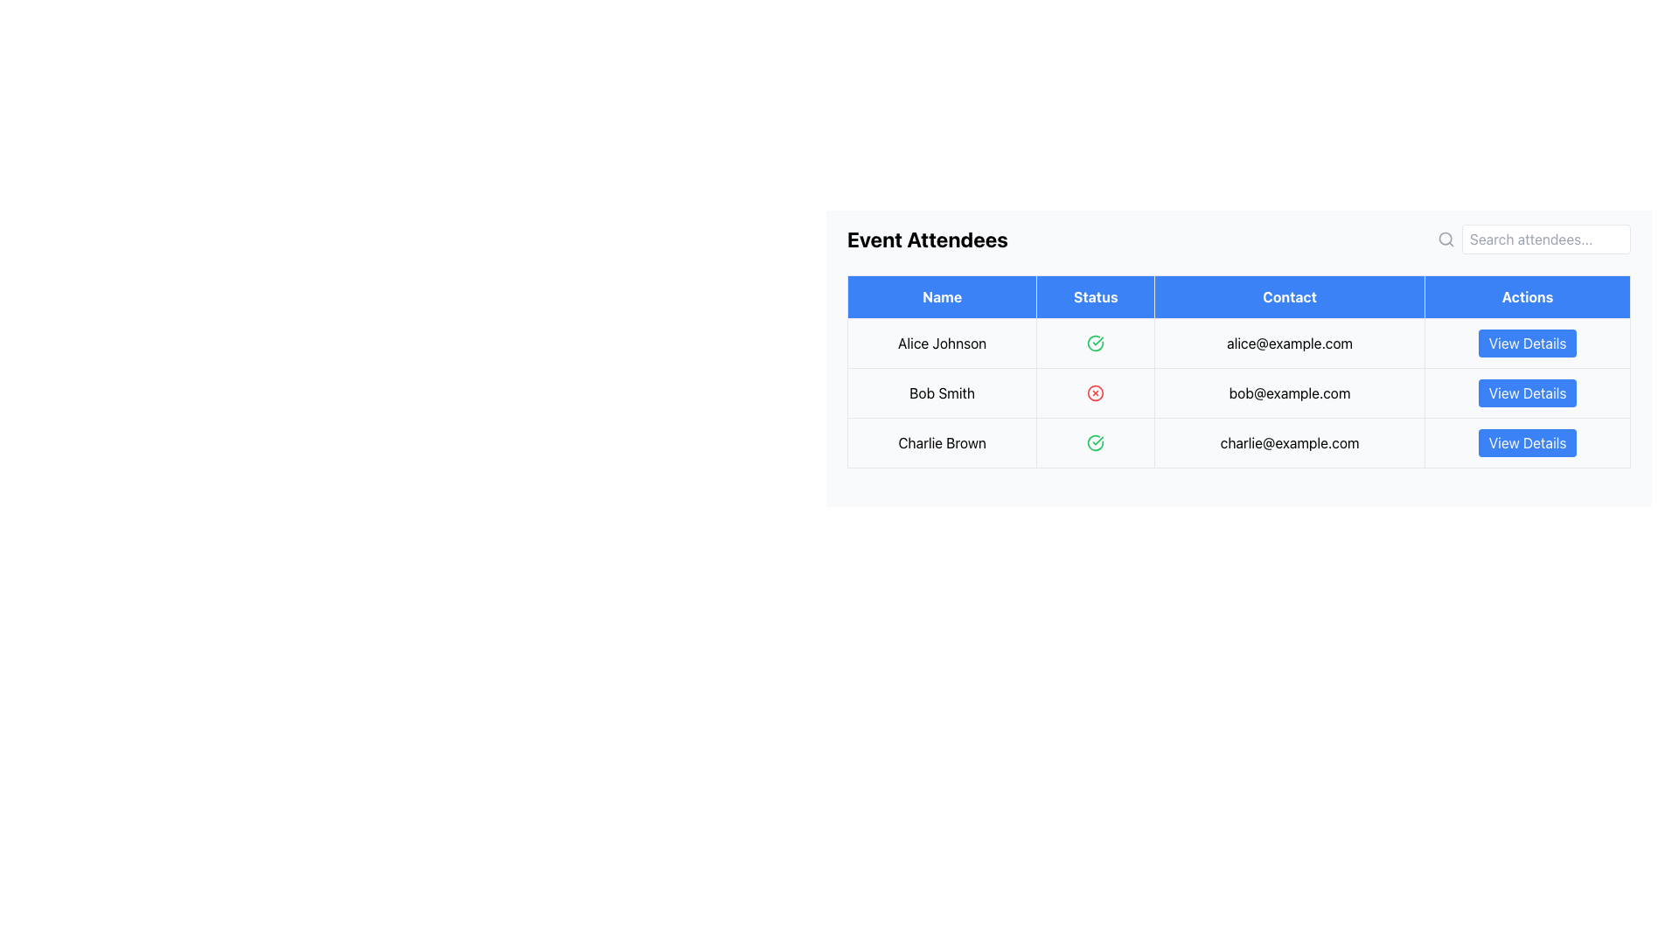 The width and height of the screenshot is (1679, 944). I want to click on the red circular icon with a white border and a white cross inside, located in the 'Status' column for the row corresponding to 'Bob Smith', so click(1095, 393).